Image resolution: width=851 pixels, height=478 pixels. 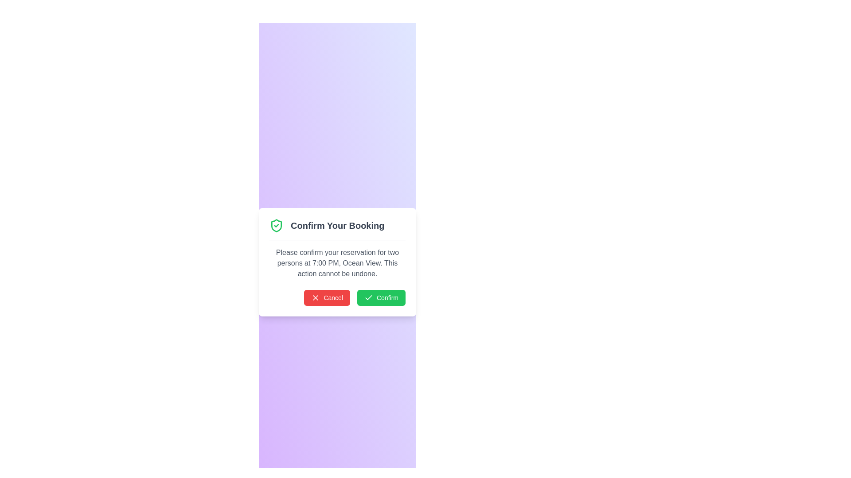 What do you see at coordinates (337, 262) in the screenshot?
I see `text label providing the reservation confirmation message located below the 'Confirm Your Booking' header in the centered modal` at bounding box center [337, 262].